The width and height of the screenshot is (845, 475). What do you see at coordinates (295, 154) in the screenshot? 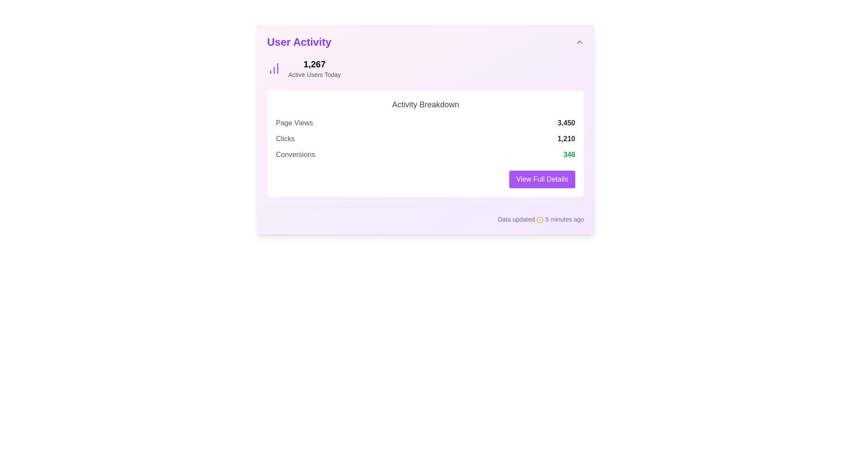
I see `the Text Label that identifies the conversions in the 'Activity Breakdown' section of the 'User Activity' card, located on the left side of the number '348'` at bounding box center [295, 154].